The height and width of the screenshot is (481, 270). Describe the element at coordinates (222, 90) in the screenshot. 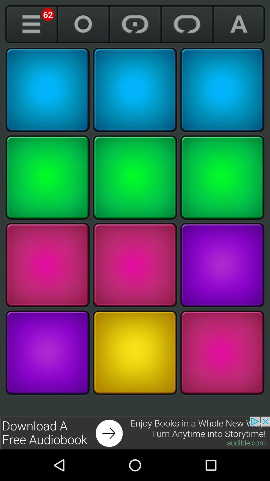

I see `blue botton` at that location.